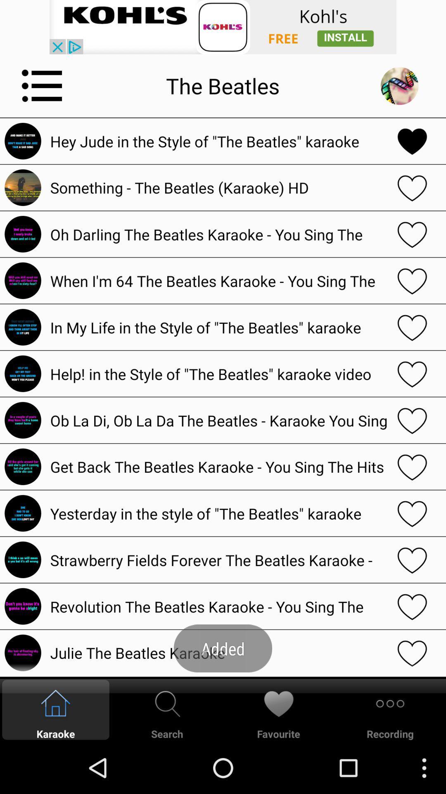 Image resolution: width=446 pixels, height=794 pixels. Describe the element at coordinates (412, 327) in the screenshot. I see `favorites option` at that location.